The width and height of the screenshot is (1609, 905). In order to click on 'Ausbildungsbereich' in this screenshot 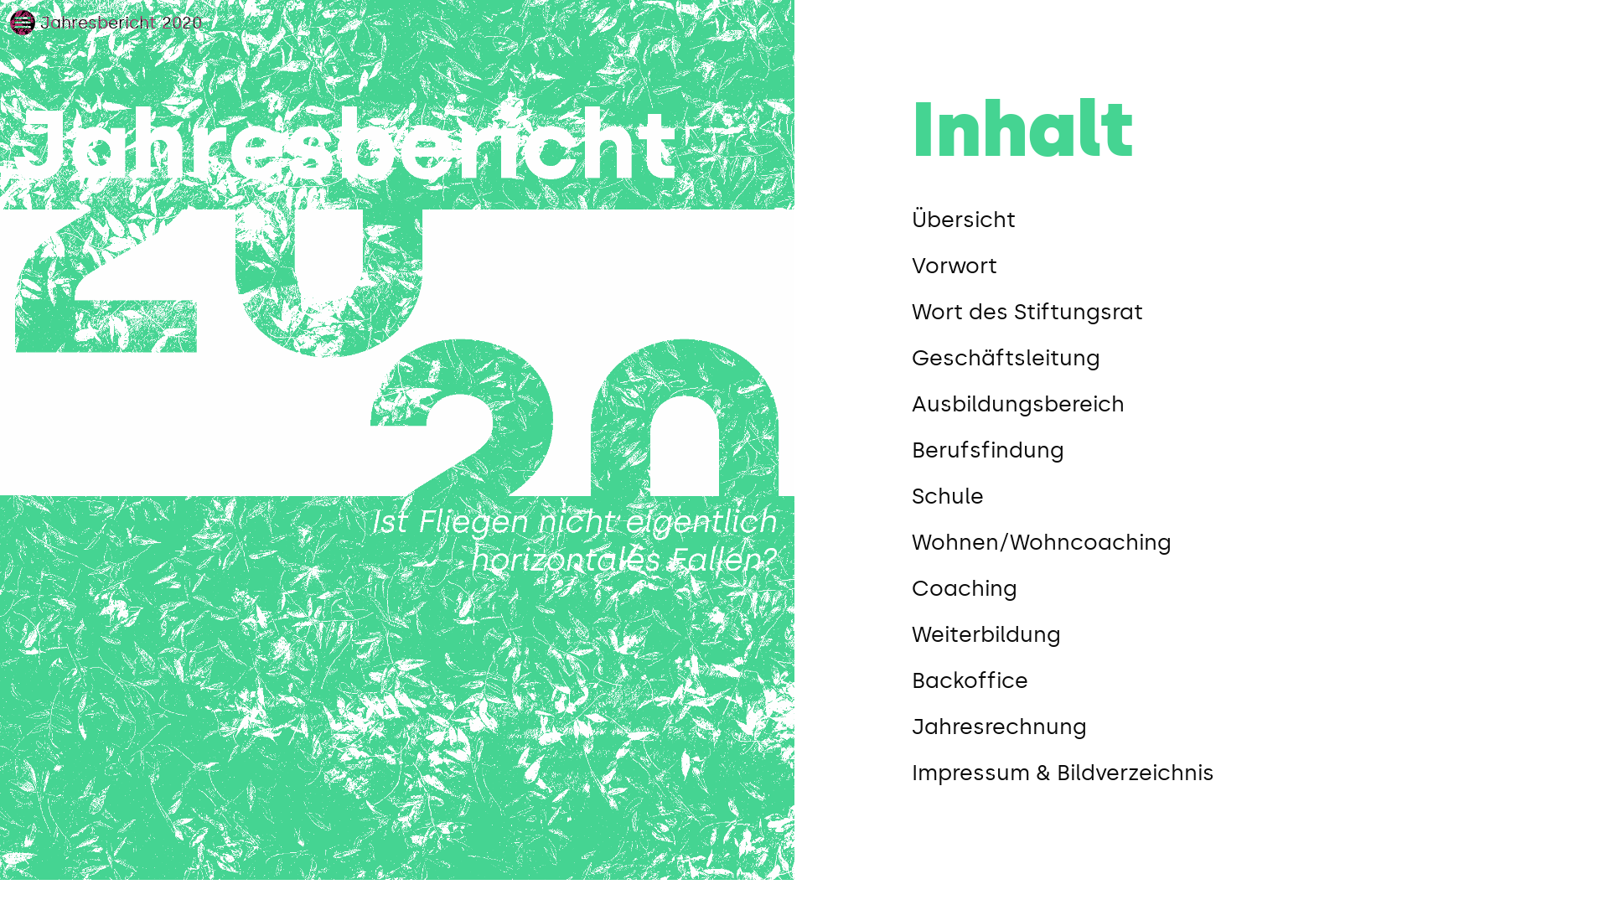, I will do `click(911, 404)`.